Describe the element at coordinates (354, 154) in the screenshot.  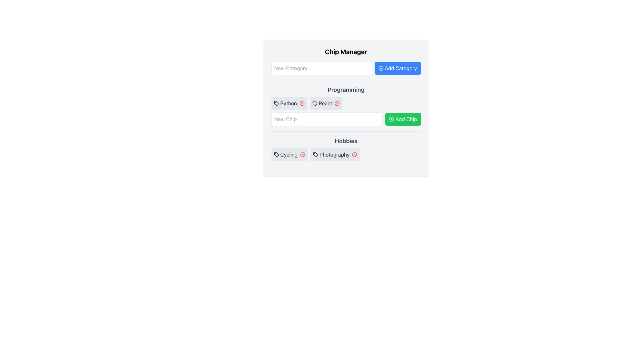
I see `the red 'X' icon button located to the right of the 'Photography' label in the 'Hobbies' section` at that location.